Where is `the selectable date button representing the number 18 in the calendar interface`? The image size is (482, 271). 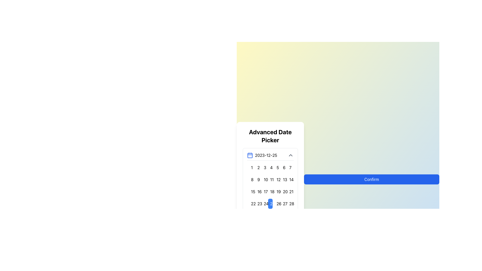 the selectable date button representing the number 18 in the calendar interface is located at coordinates (270, 191).